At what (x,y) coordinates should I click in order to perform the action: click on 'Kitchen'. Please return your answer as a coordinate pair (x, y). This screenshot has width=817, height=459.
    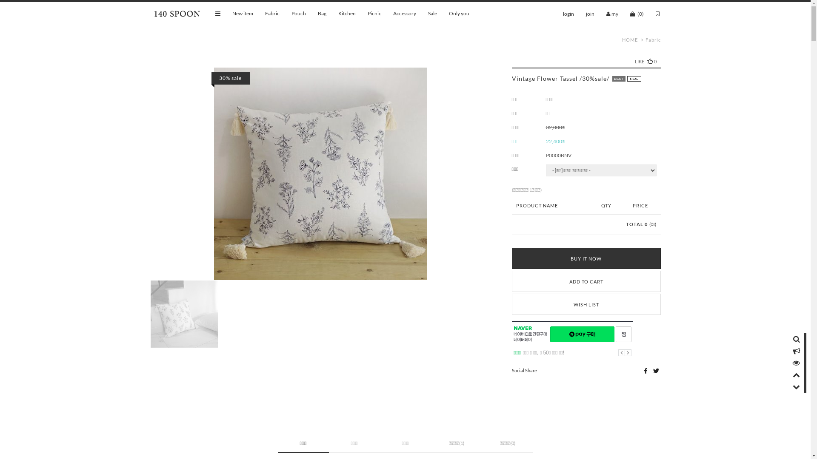
    Looking at the image, I should click on (346, 13).